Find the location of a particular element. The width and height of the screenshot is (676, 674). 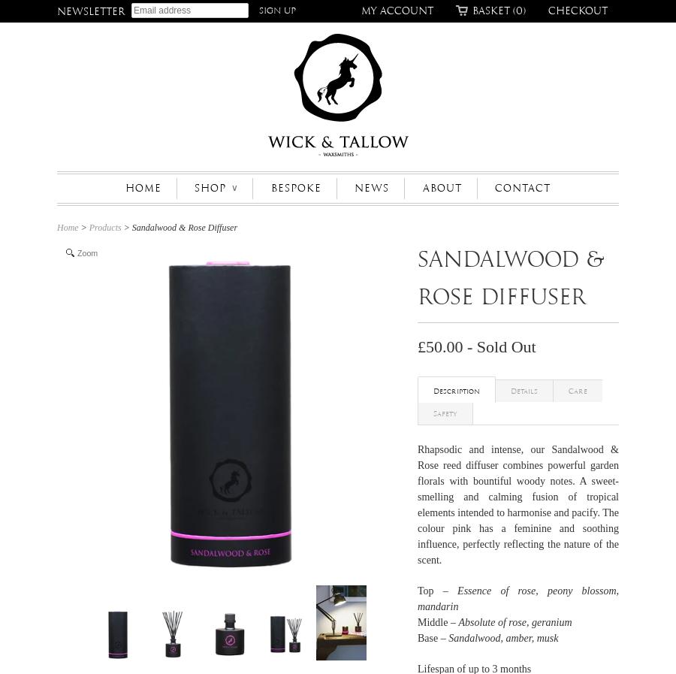

'£50.00 - Sold Out' is located at coordinates (476, 346).